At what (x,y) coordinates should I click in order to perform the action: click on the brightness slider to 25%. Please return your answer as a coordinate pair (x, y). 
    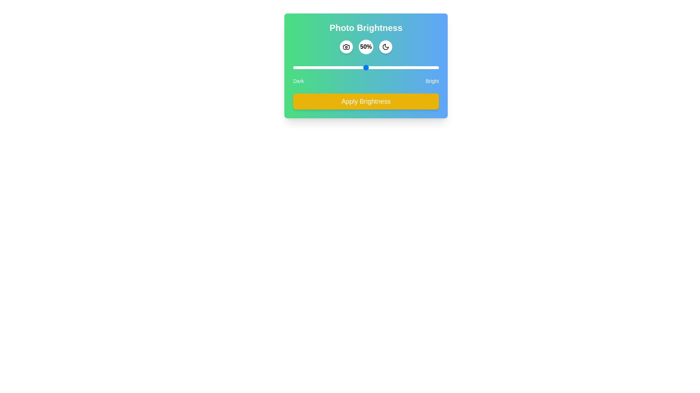
    Looking at the image, I should click on (329, 67).